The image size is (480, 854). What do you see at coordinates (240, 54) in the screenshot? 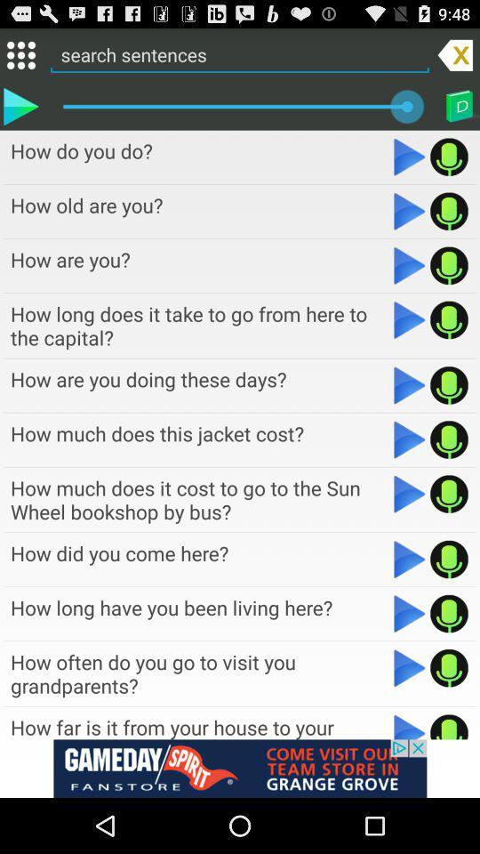
I see `search bar` at bounding box center [240, 54].